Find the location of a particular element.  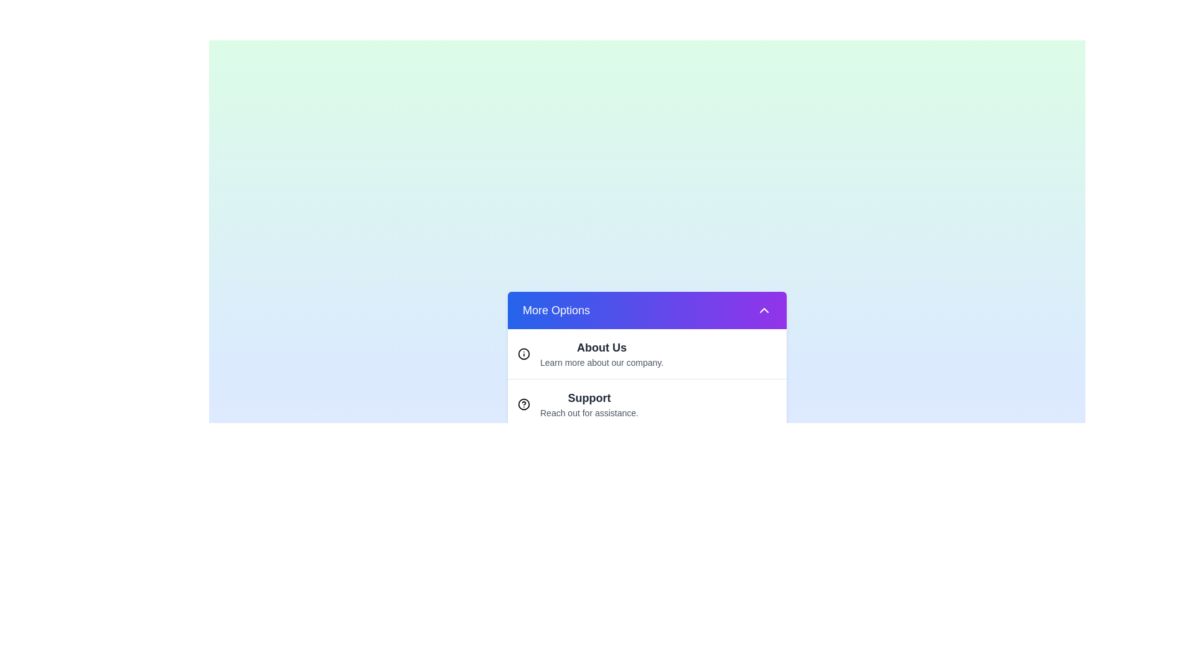

the option About Us to highlight it is located at coordinates (647, 353).